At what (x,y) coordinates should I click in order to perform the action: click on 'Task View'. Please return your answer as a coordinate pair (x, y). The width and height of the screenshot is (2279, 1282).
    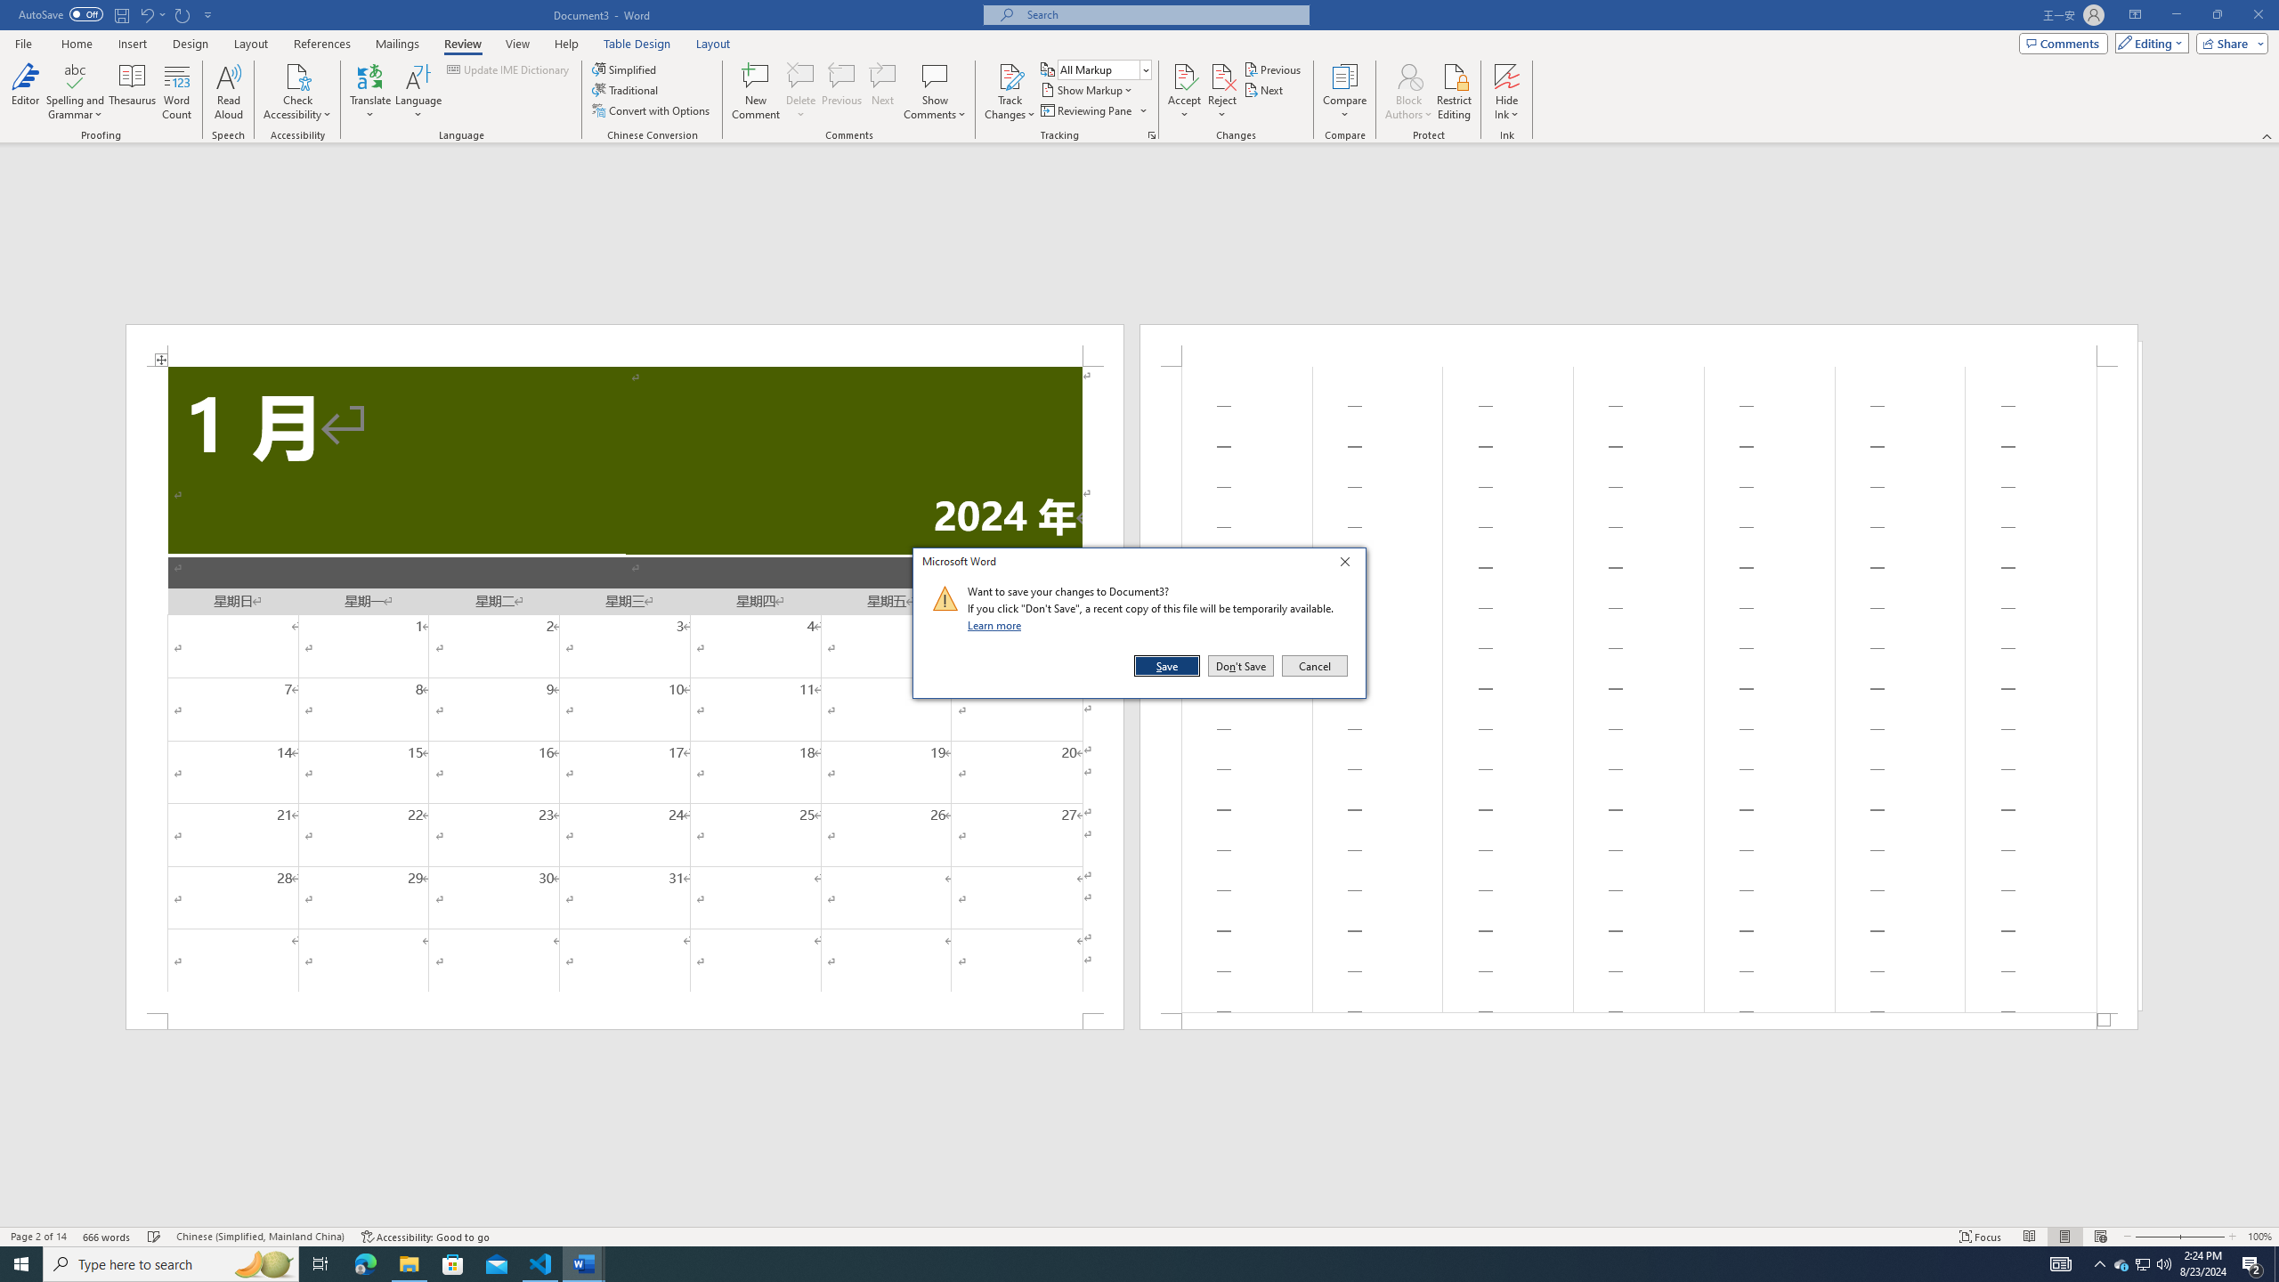
    Looking at the image, I should click on (319, 1262).